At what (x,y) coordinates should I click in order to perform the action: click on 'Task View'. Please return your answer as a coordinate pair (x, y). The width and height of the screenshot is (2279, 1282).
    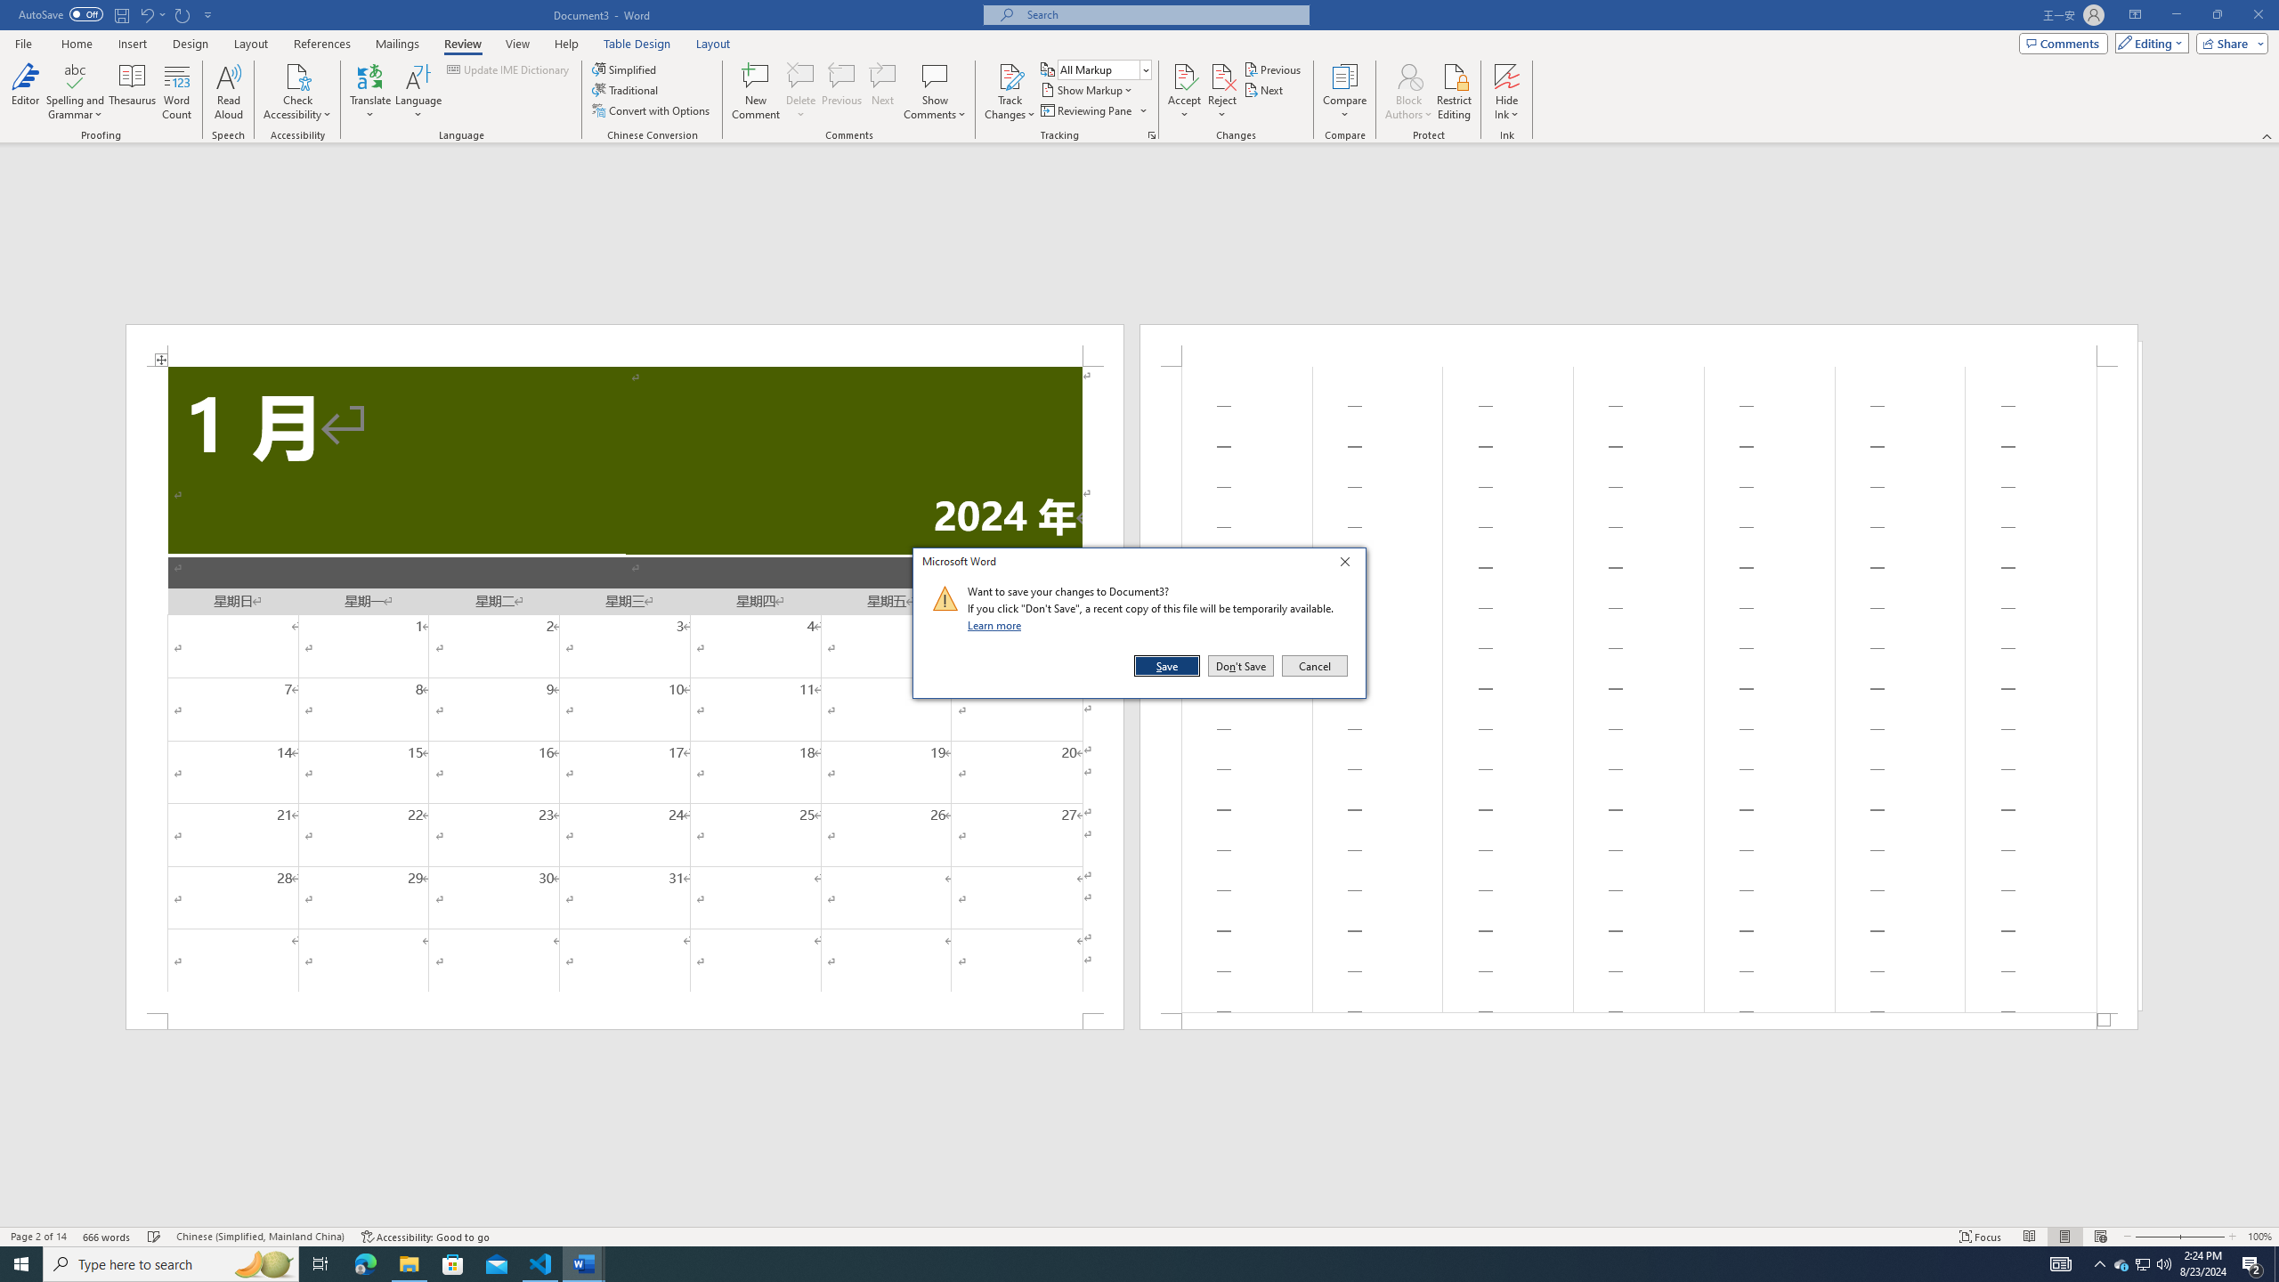
    Looking at the image, I should click on (319, 1262).